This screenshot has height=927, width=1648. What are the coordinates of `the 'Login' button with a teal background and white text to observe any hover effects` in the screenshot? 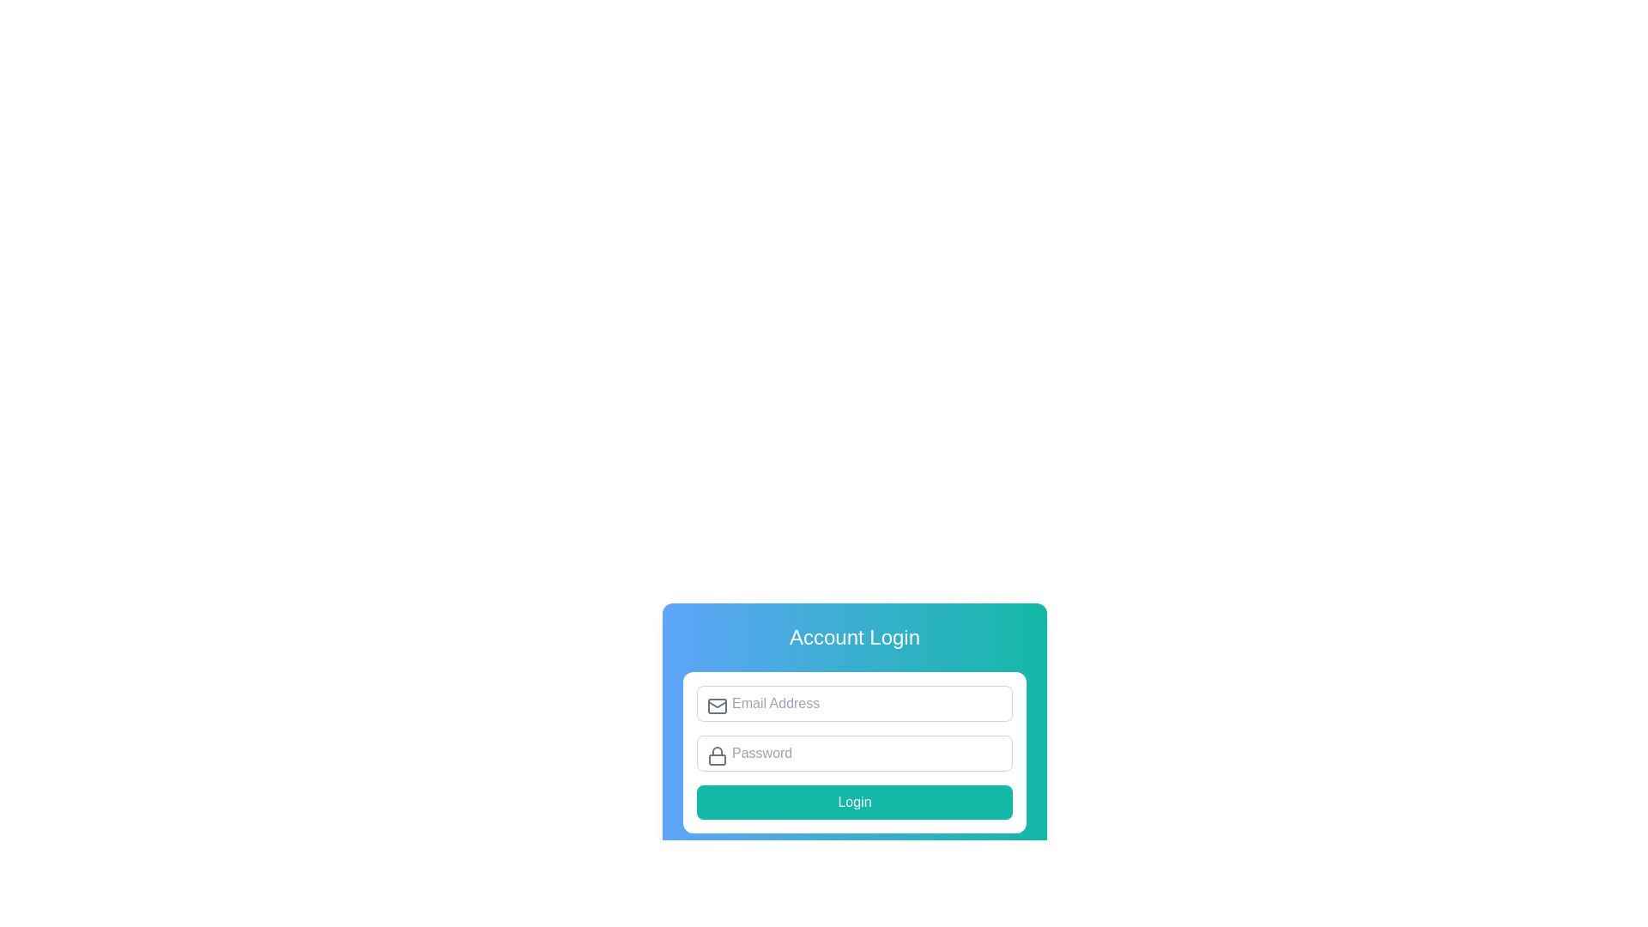 It's located at (855, 802).